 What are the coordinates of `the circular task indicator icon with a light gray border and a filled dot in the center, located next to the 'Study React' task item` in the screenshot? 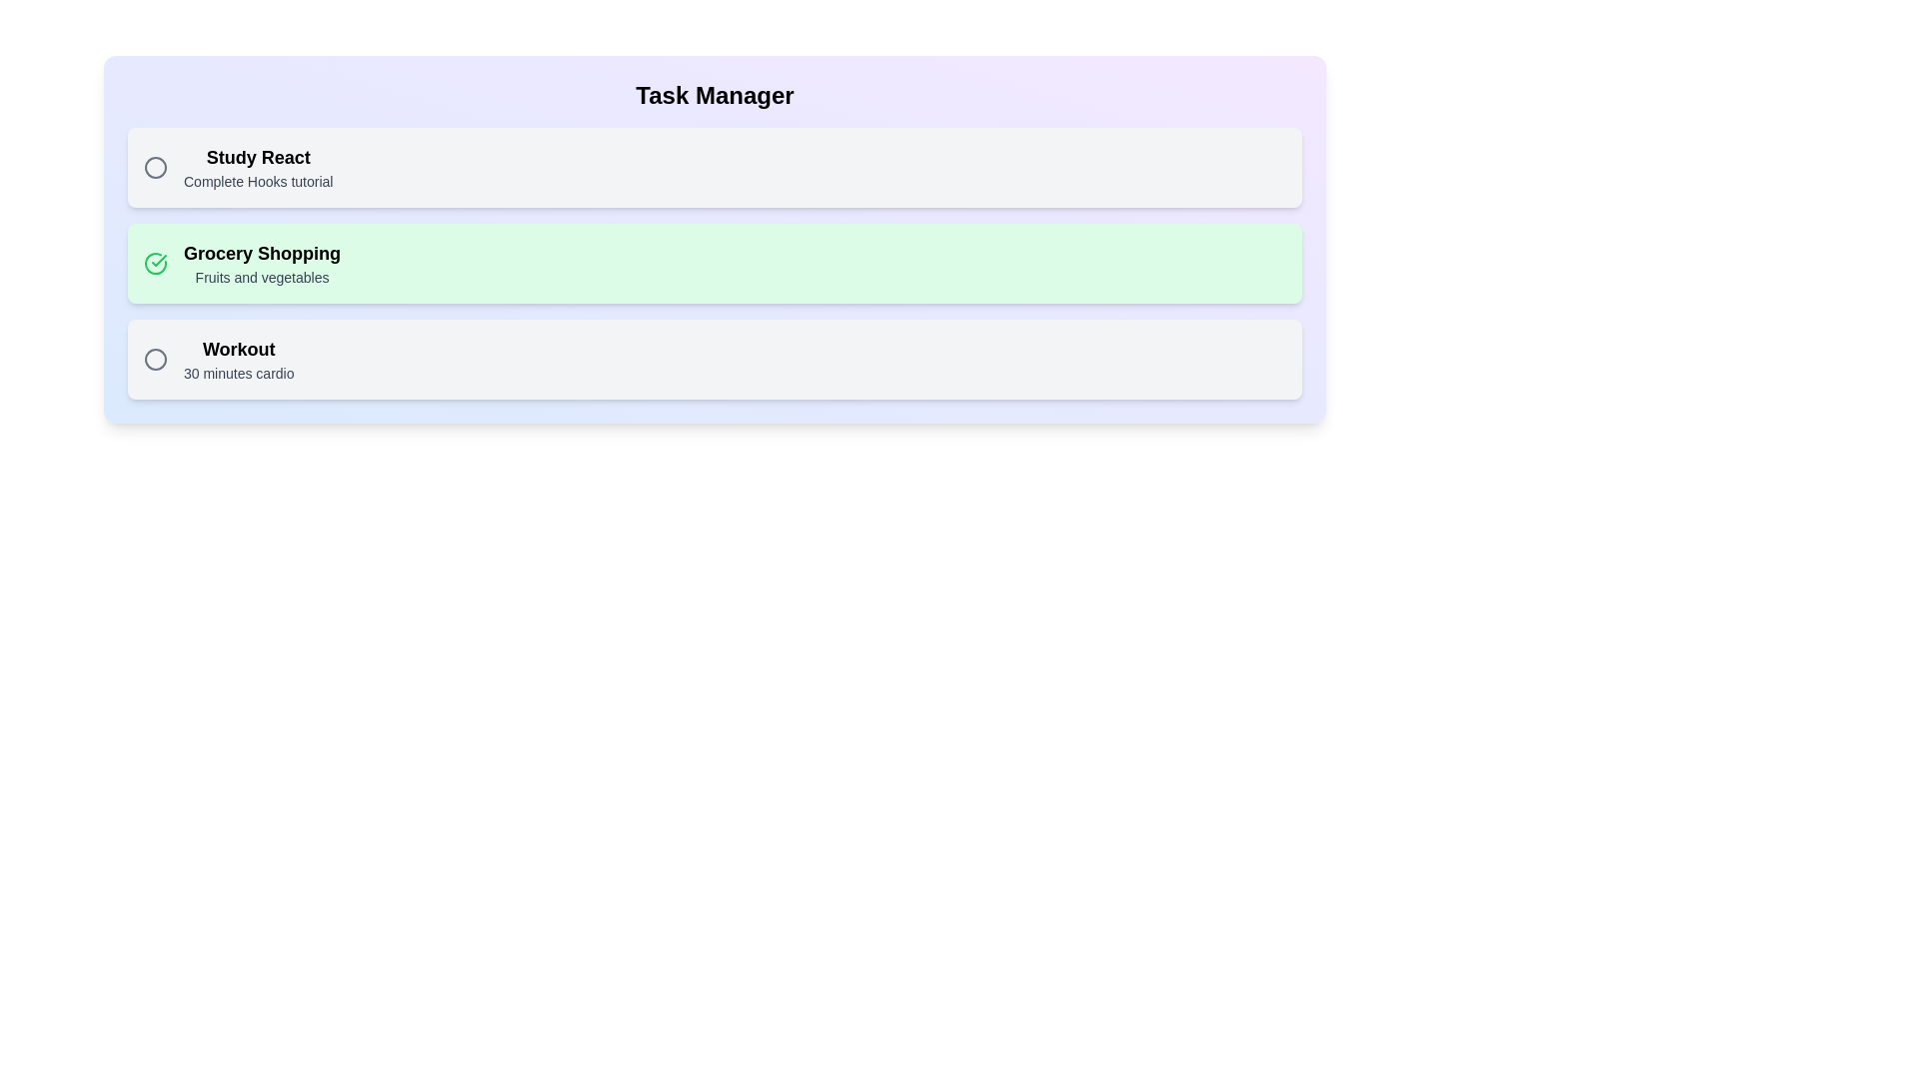 It's located at (155, 167).